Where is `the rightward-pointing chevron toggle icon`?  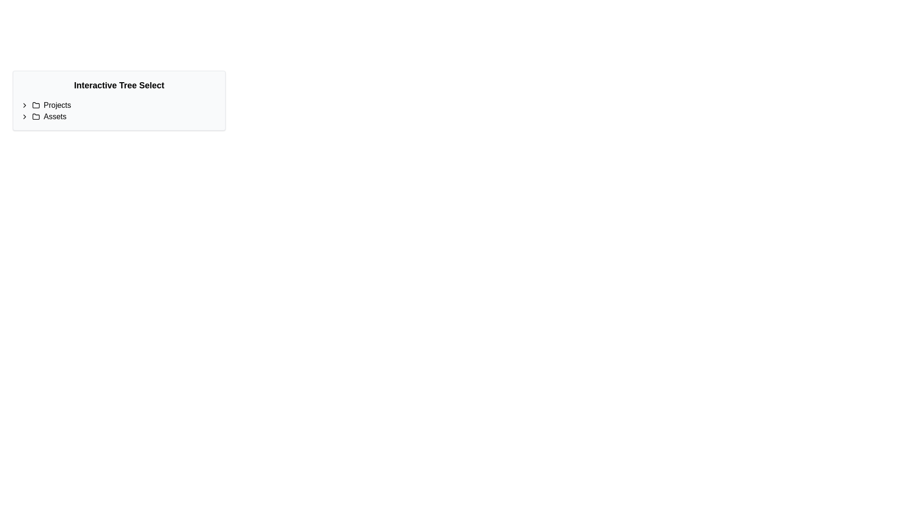
the rightward-pointing chevron toggle icon is located at coordinates (25, 116).